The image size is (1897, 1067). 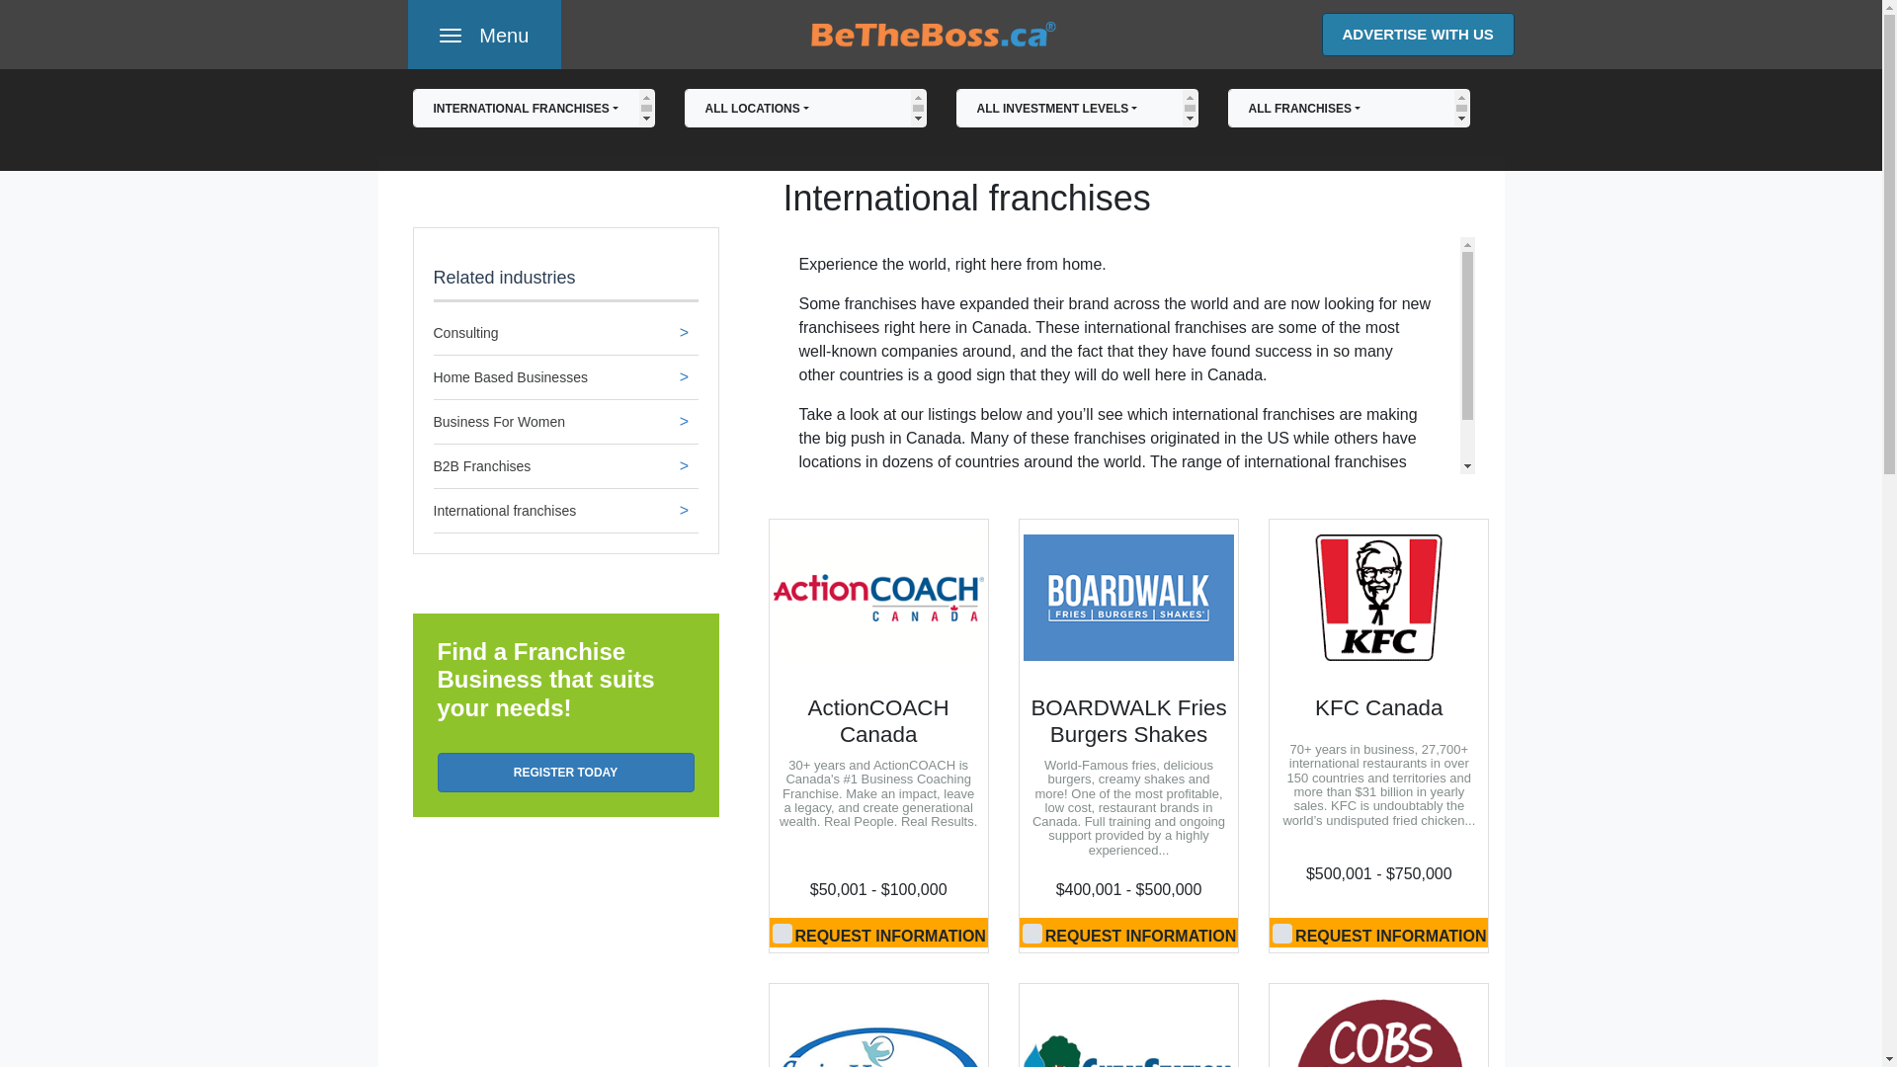 What do you see at coordinates (563, 382) in the screenshot?
I see `'Home Based Businesses` at bounding box center [563, 382].